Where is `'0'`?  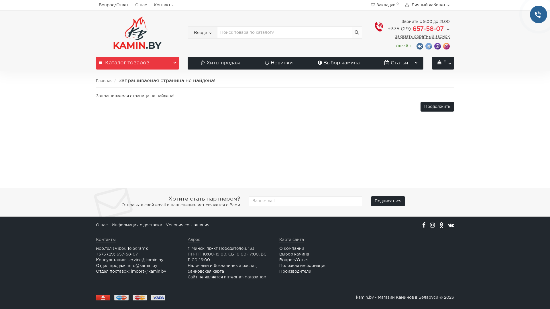 '0' is located at coordinates (443, 63).